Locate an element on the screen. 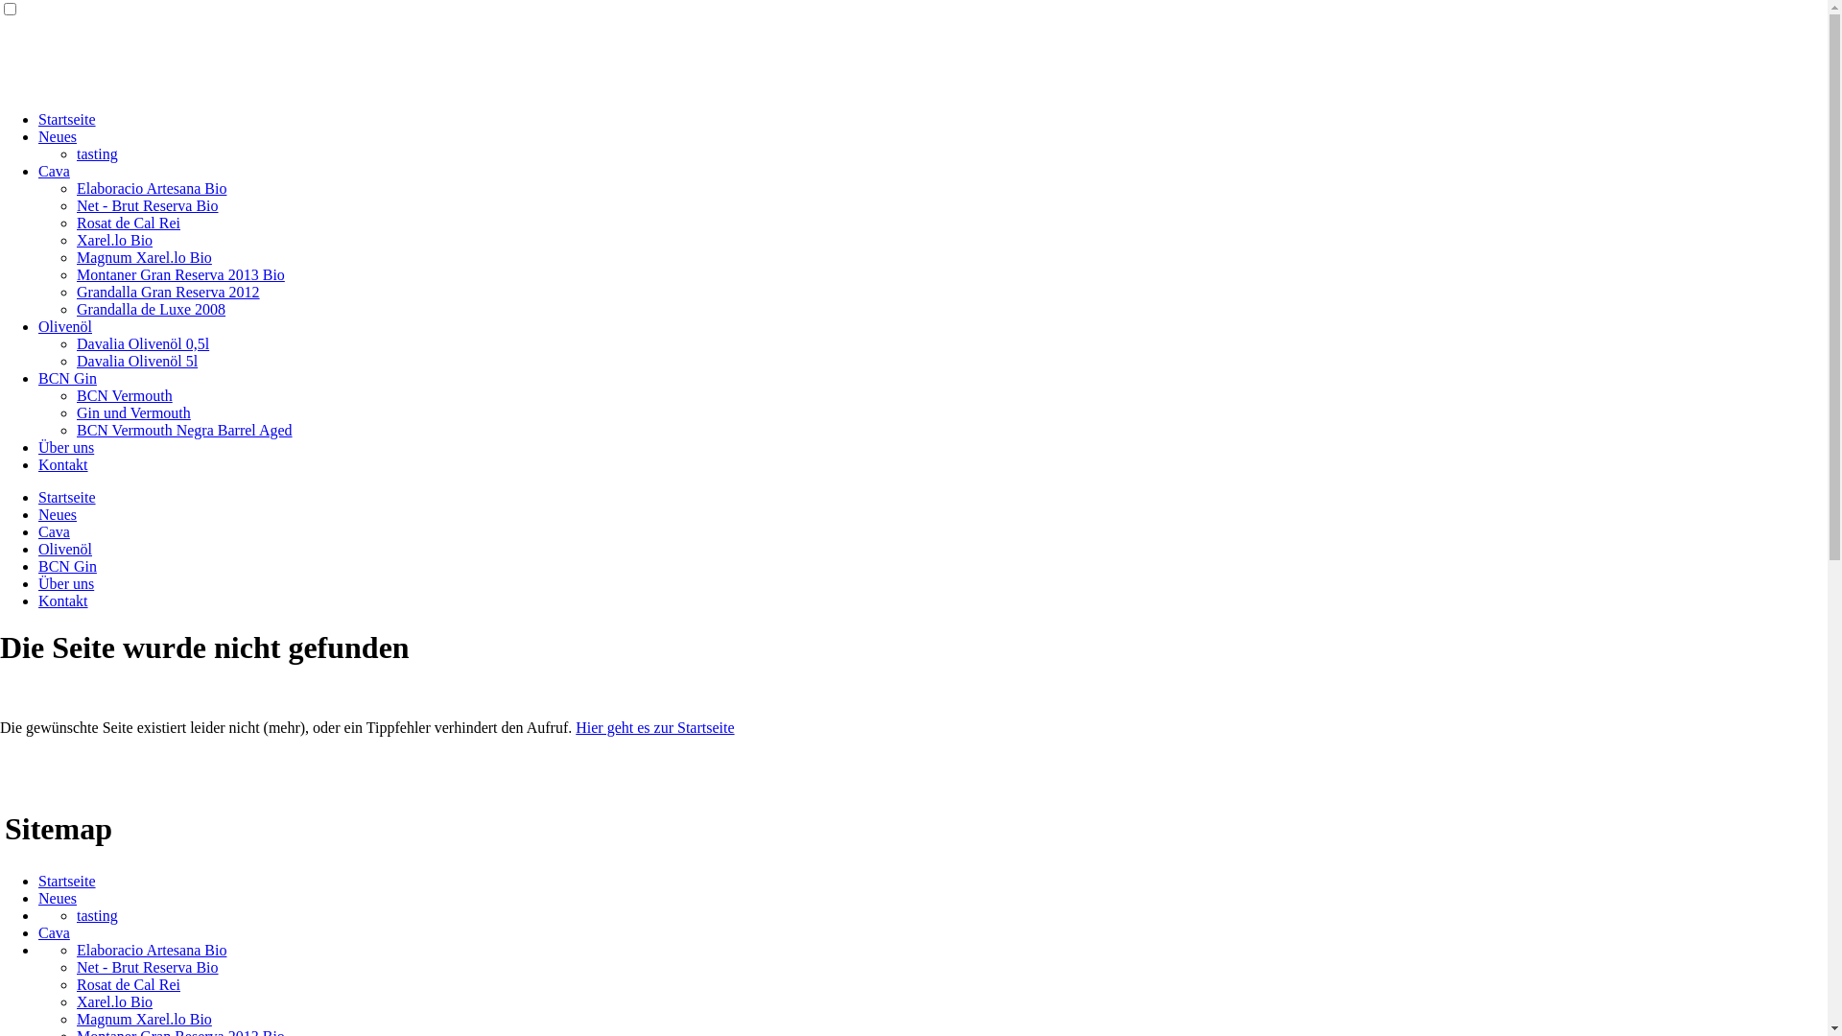  'Cava' is located at coordinates (54, 931).